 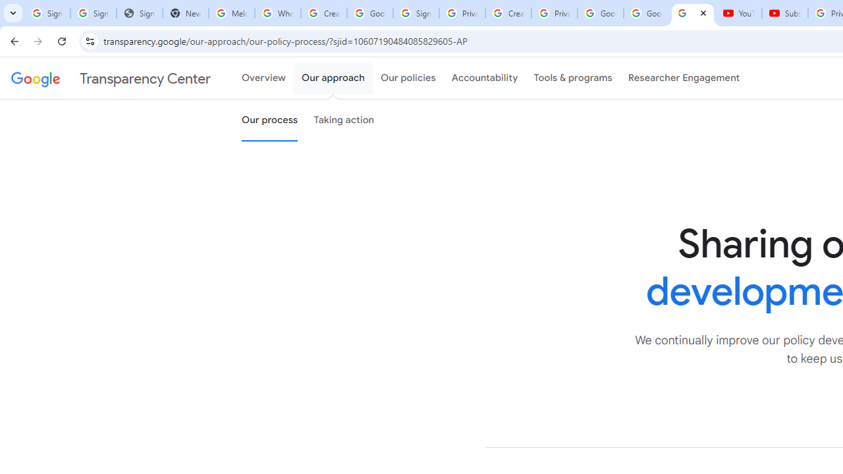 What do you see at coordinates (484, 78) in the screenshot?
I see `'Accountability'` at bounding box center [484, 78].